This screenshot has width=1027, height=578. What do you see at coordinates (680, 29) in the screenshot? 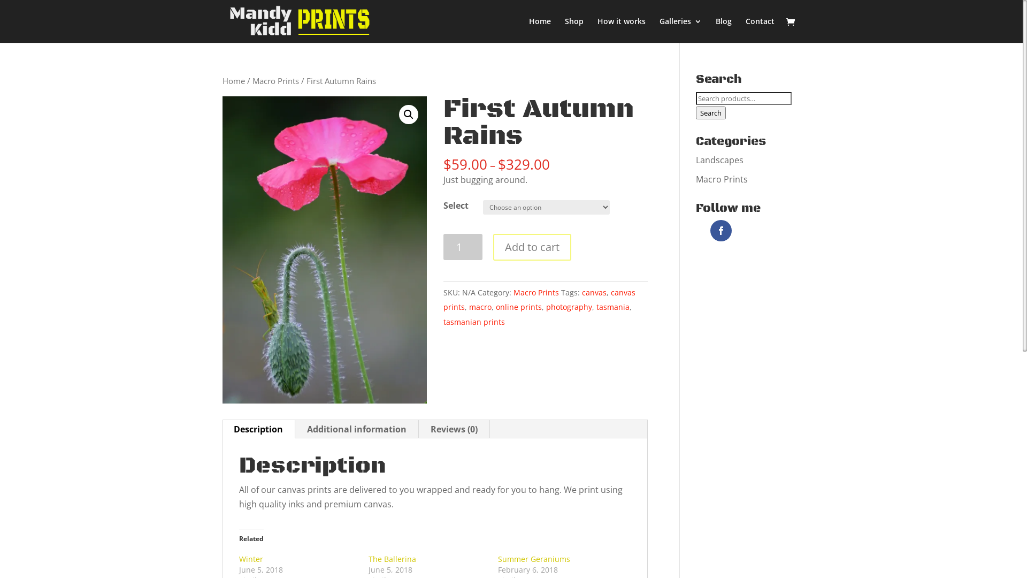
I see `'Galleries'` at bounding box center [680, 29].